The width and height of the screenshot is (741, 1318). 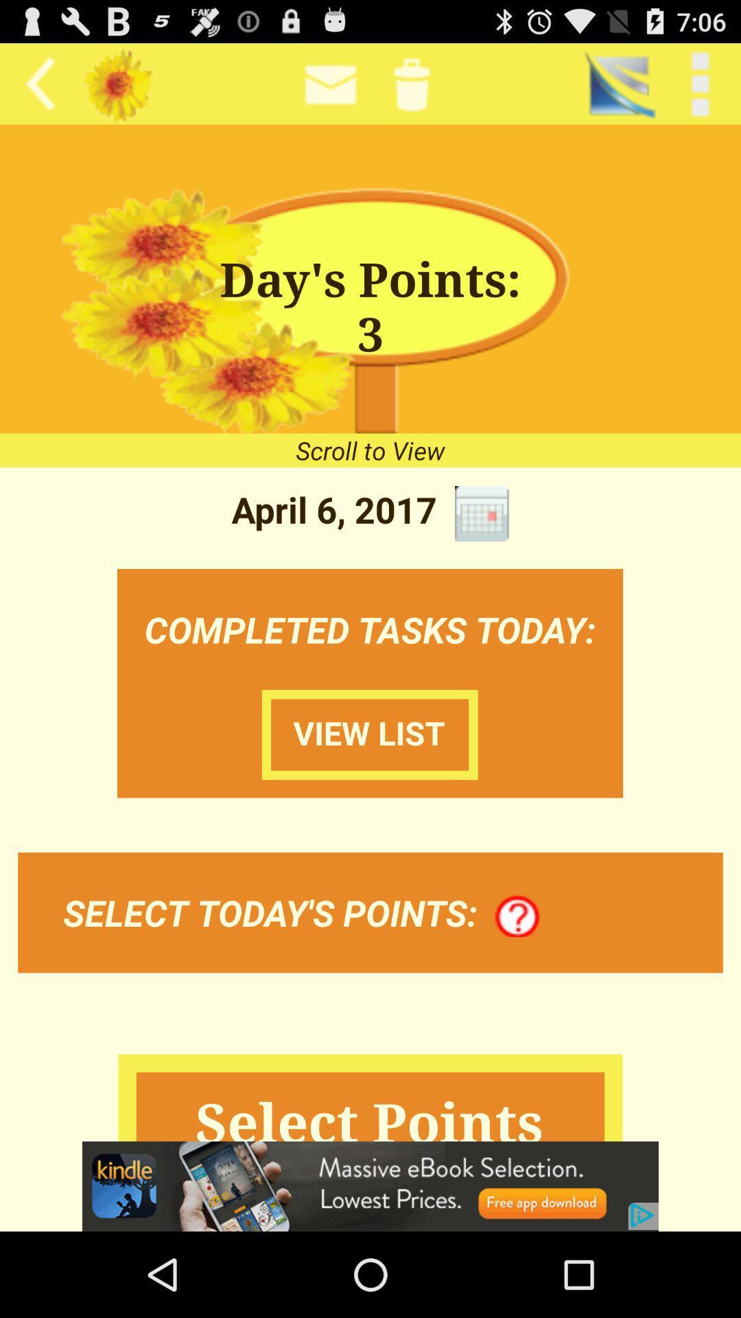 What do you see at coordinates (481, 513) in the screenshot?
I see `browse the calendar for another date` at bounding box center [481, 513].